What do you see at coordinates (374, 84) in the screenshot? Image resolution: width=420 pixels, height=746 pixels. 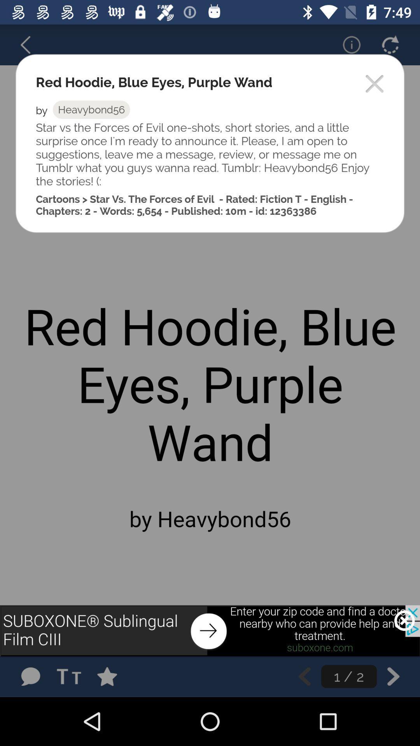 I see `exit` at bounding box center [374, 84].